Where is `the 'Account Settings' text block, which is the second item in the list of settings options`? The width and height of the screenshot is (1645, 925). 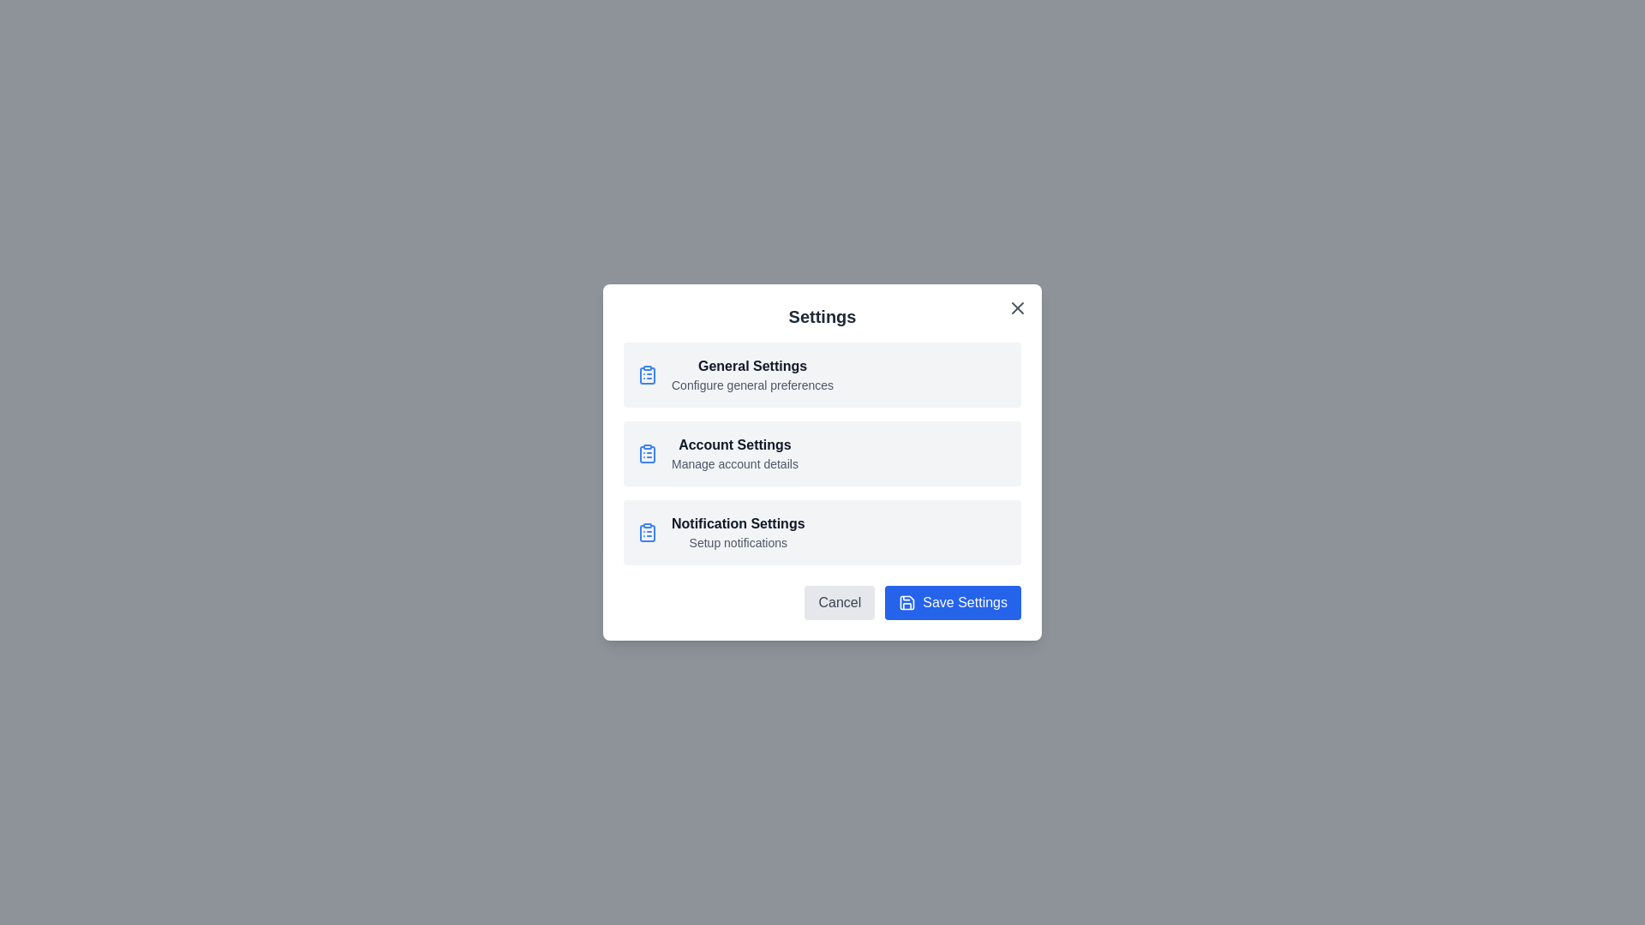 the 'Account Settings' text block, which is the second item in the list of settings options is located at coordinates (734, 452).